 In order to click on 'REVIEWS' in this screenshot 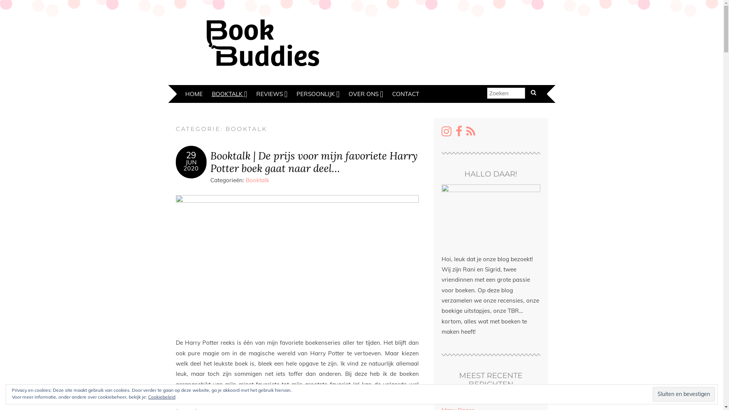, I will do `click(271, 93)`.